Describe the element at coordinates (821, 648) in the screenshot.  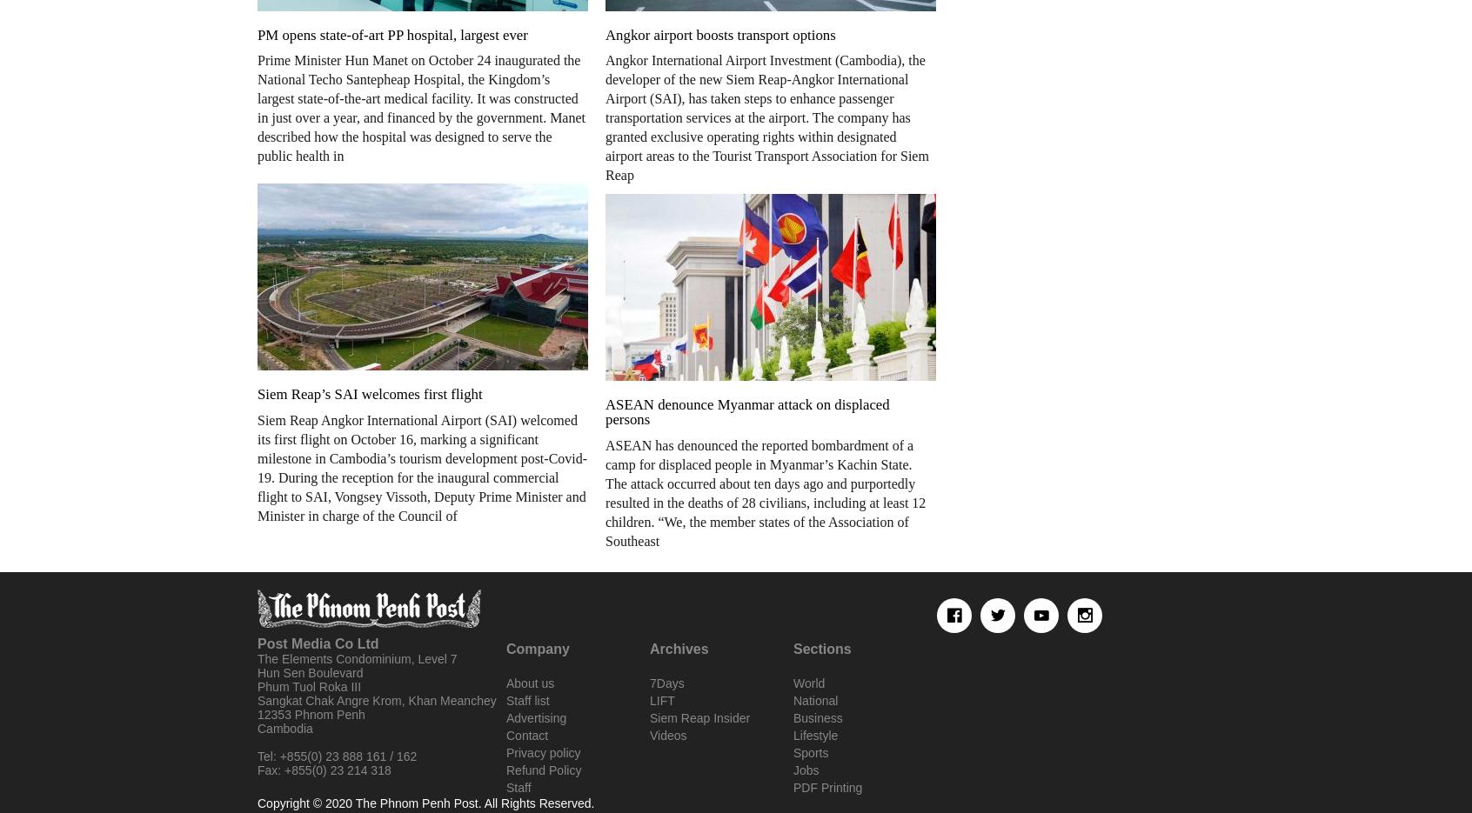
I see `'Sections'` at that location.